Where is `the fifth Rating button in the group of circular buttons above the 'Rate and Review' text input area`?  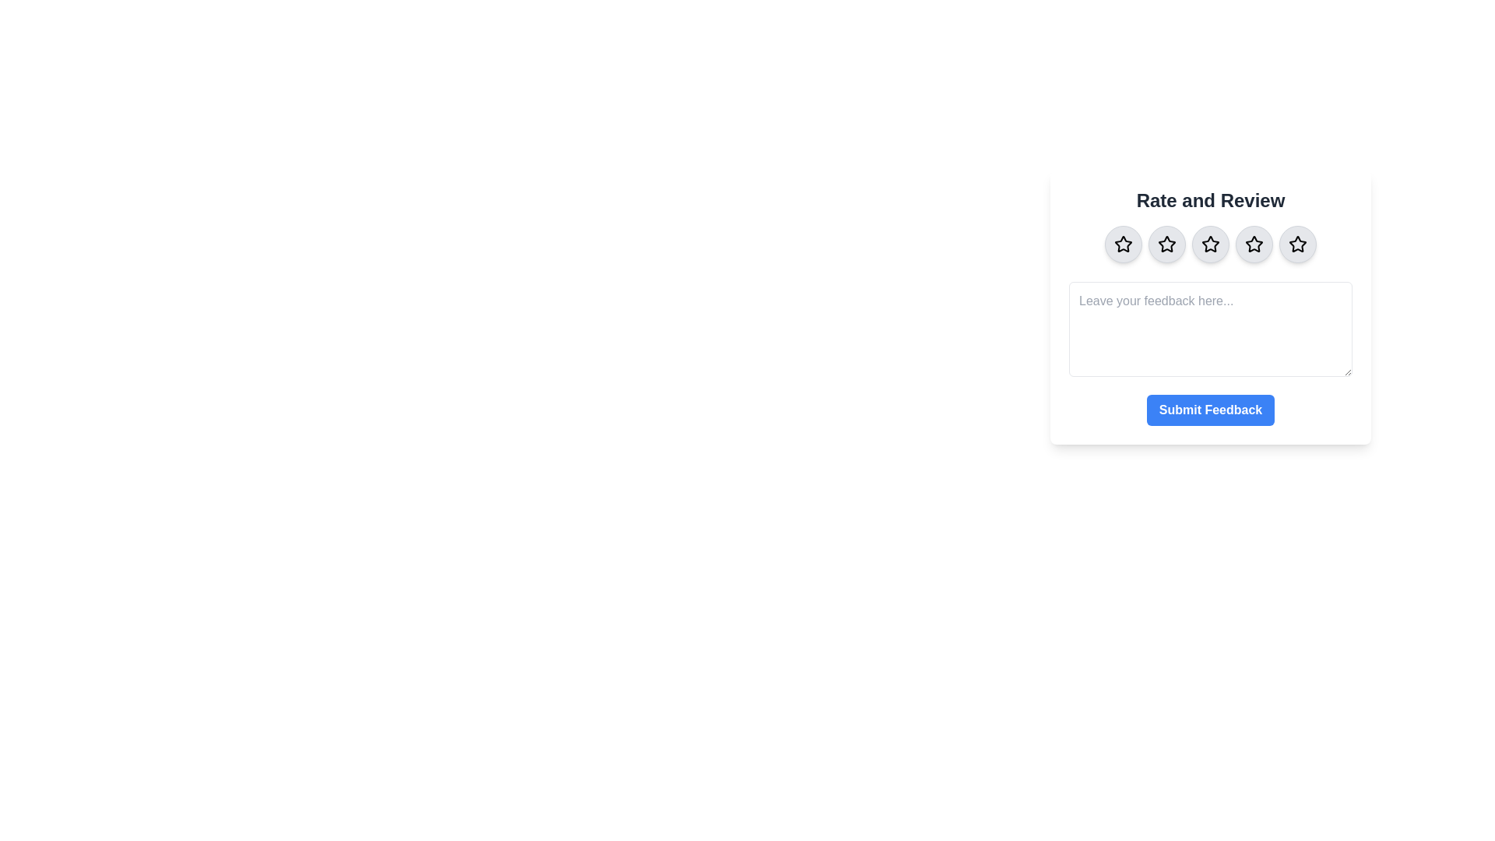 the fifth Rating button in the group of circular buttons above the 'Rate and Review' text input area is located at coordinates (1297, 244).